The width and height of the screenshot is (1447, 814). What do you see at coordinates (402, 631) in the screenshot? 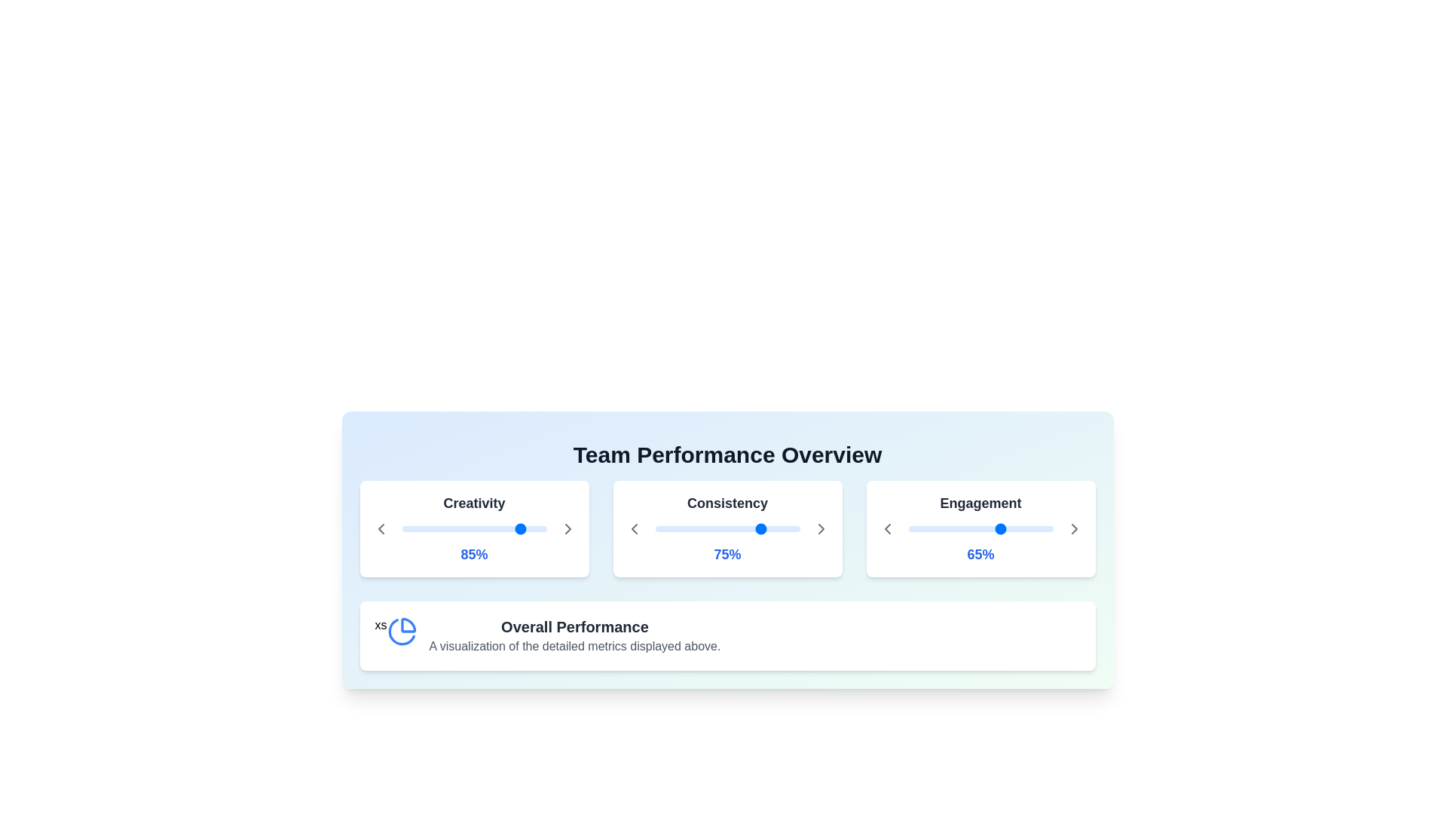
I see `the blue pie chart icon that represents a portion of data, located before the text 'Overall Performance' in the 'Team Performance Overview' section` at bounding box center [402, 631].